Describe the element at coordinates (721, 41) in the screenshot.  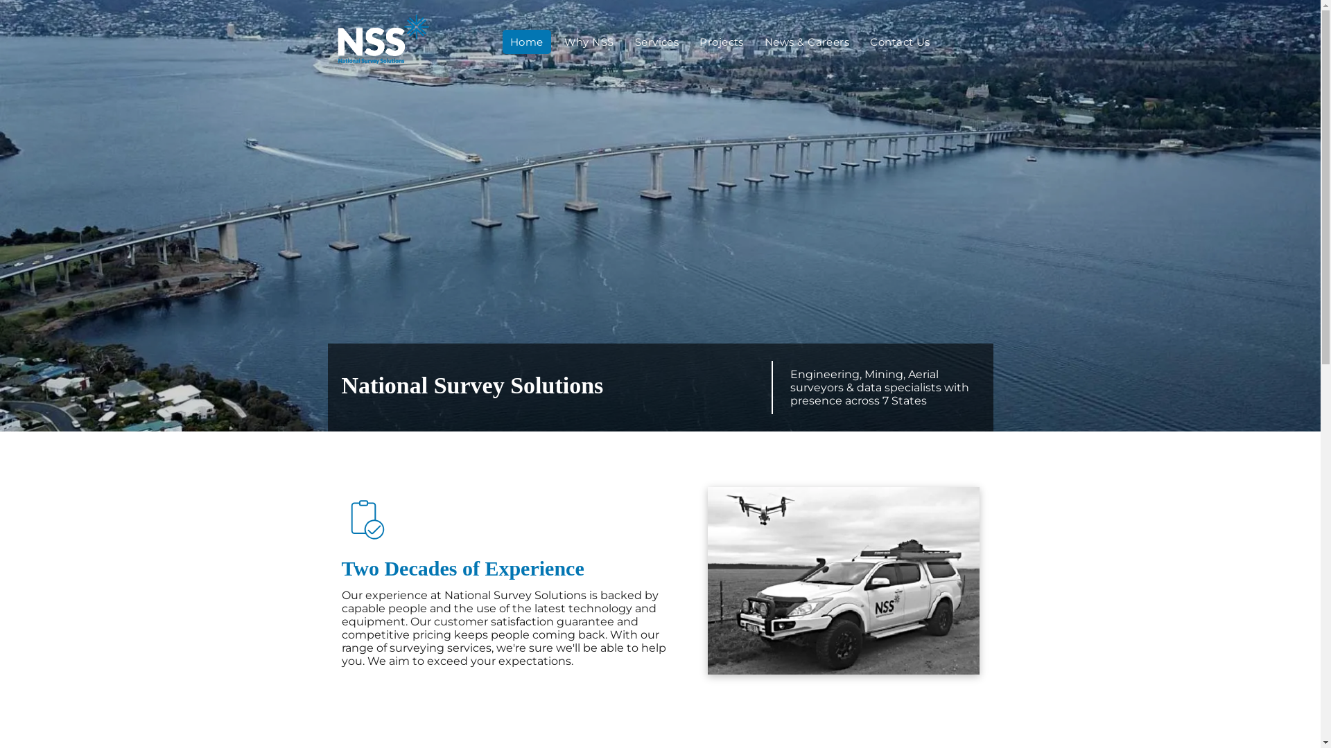
I see `'Projects'` at that location.